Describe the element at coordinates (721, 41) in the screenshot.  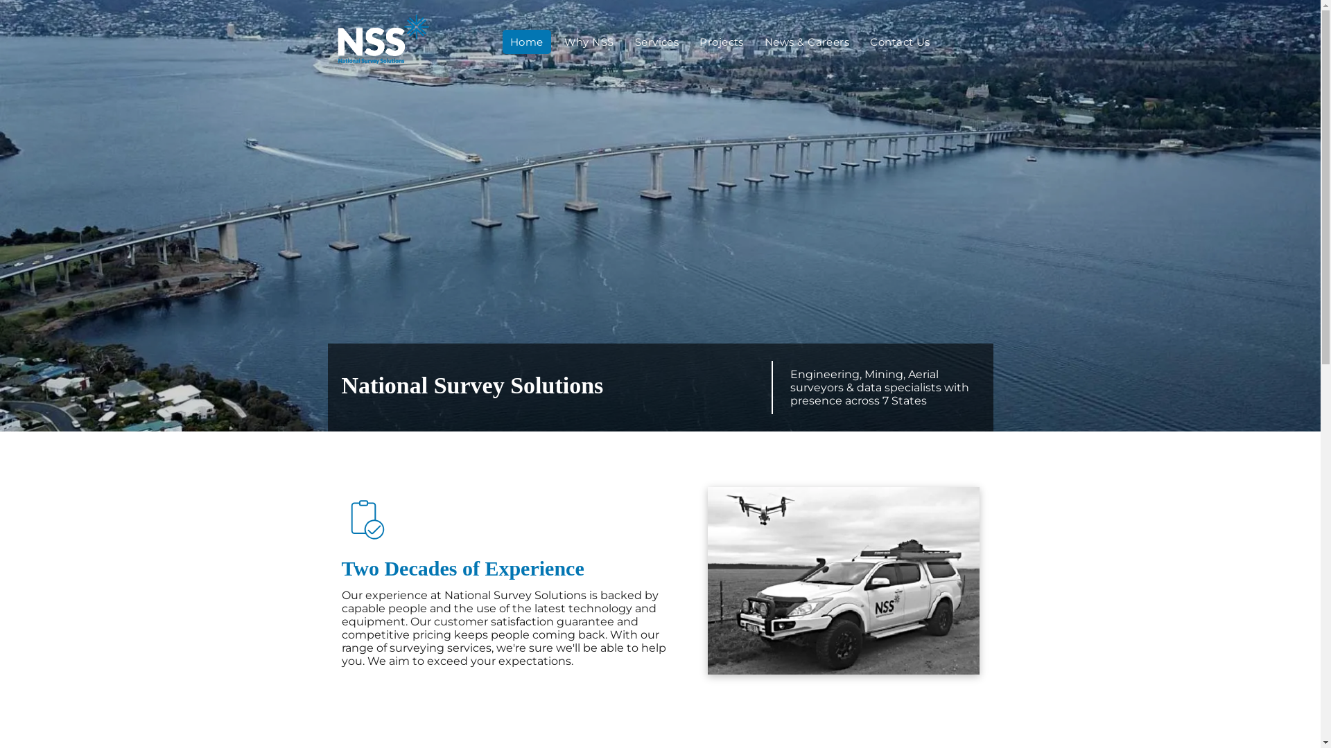
I see `'Projects'` at that location.